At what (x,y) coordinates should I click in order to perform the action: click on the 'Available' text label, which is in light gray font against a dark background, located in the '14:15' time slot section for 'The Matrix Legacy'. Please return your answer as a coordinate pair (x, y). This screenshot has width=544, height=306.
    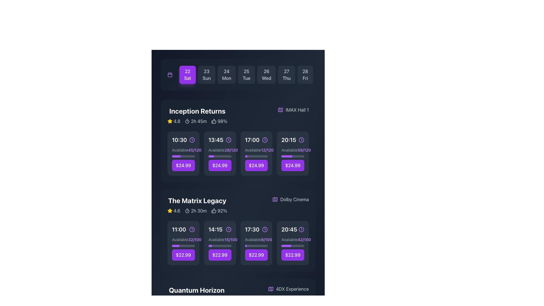
    Looking at the image, I should click on (216, 239).